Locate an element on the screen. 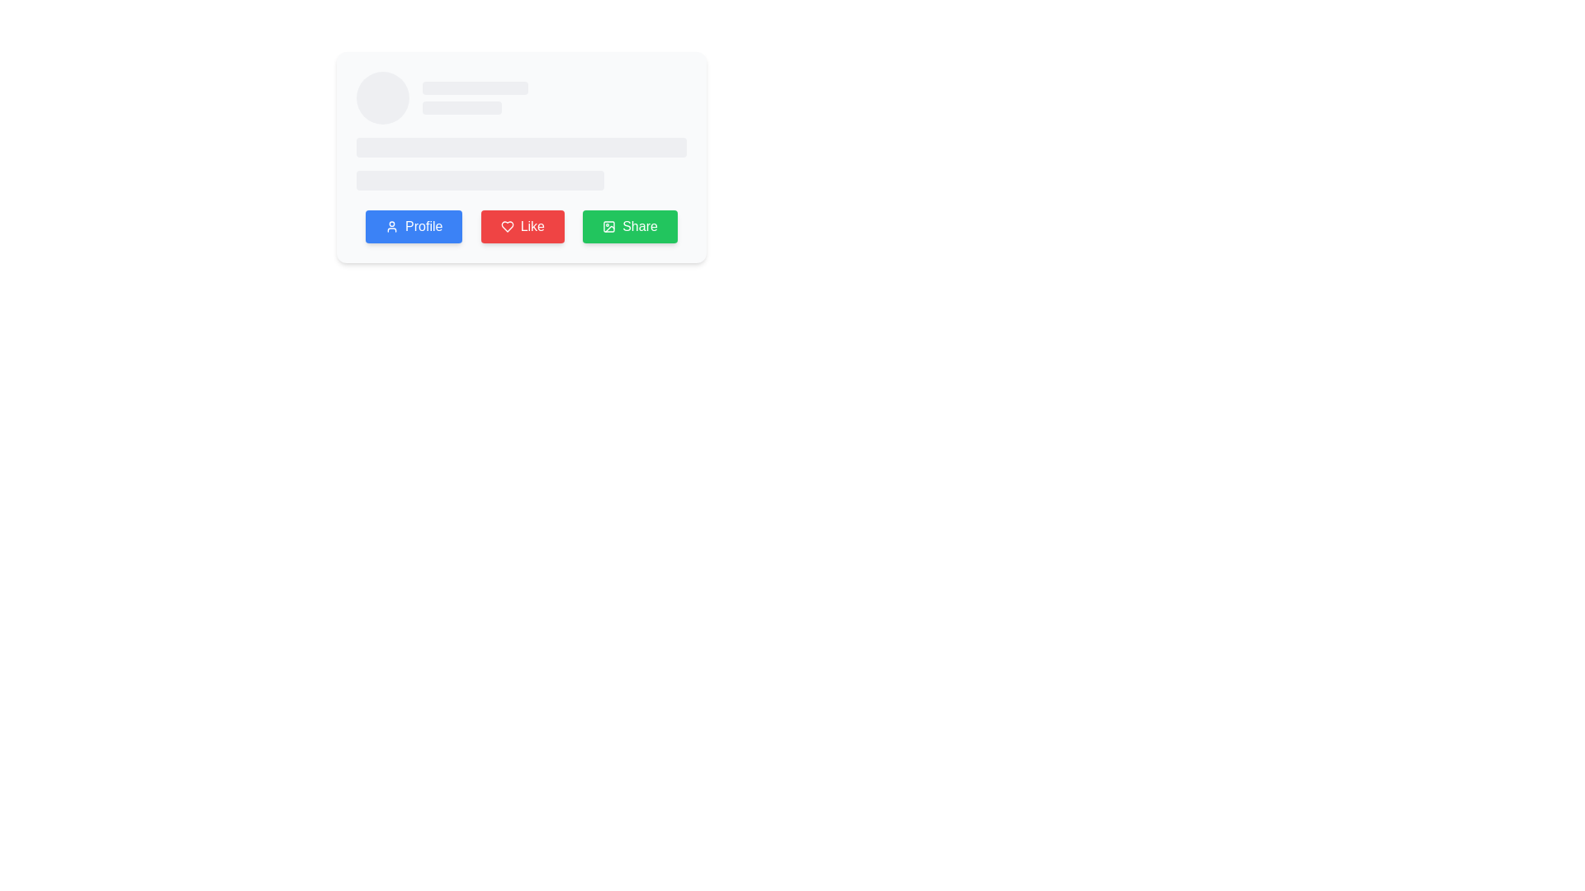  the small square-shaped light-green icon with a white image symbol located to the left of the 'Share' text in the green button is located at coordinates (608, 226).